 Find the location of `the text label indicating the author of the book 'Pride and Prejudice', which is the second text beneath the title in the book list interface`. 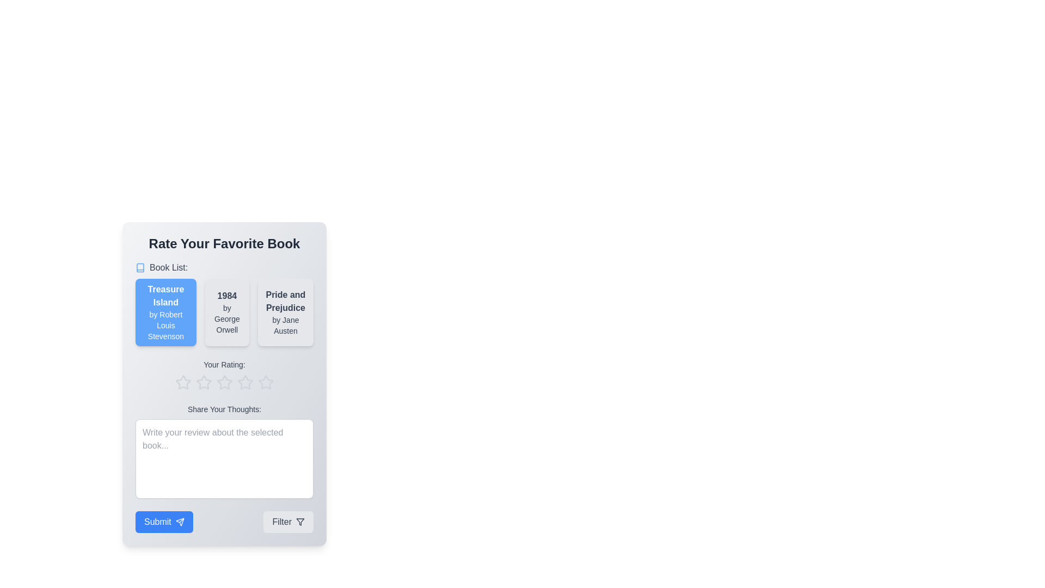

the text label indicating the author of the book 'Pride and Prejudice', which is the second text beneath the title in the book list interface is located at coordinates (285, 324).